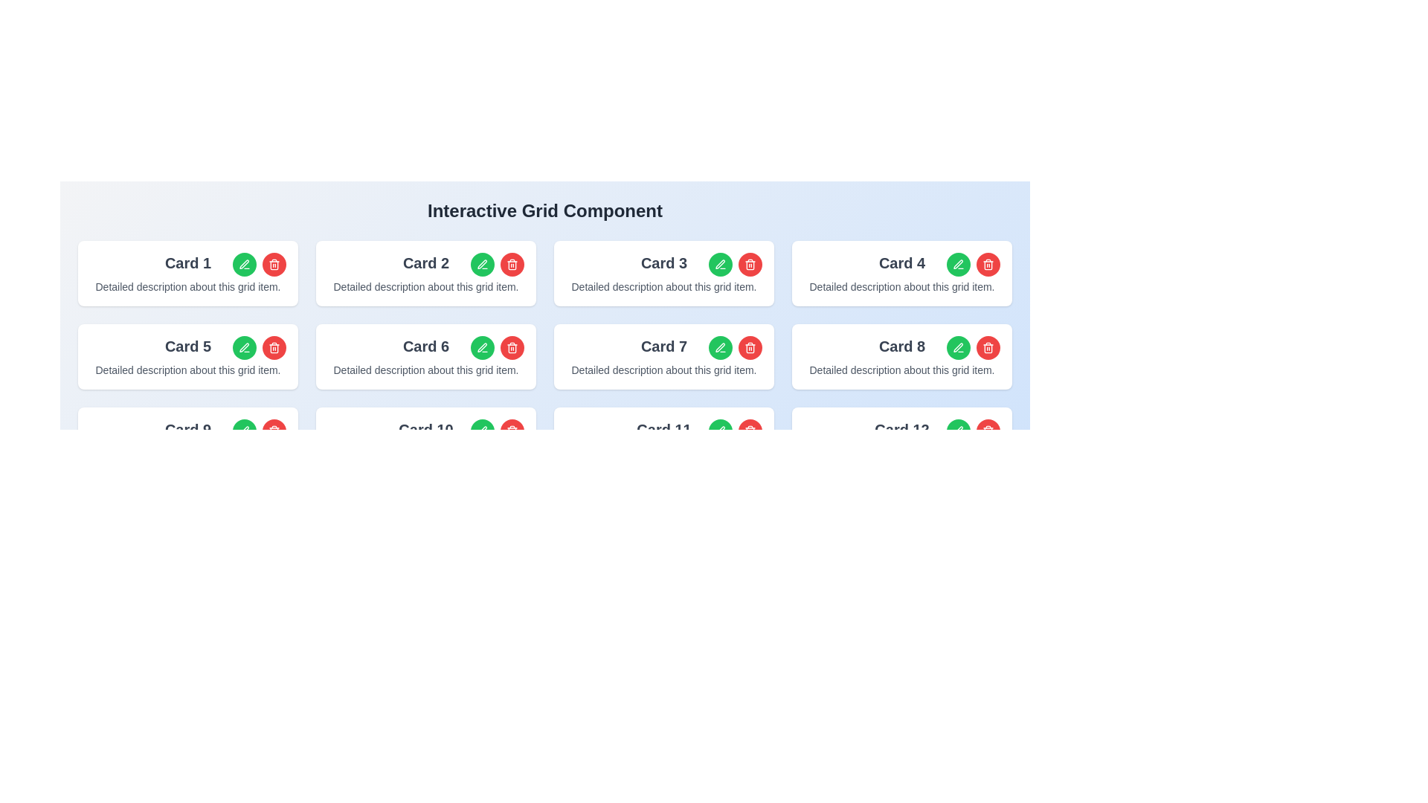  Describe the element at coordinates (274, 430) in the screenshot. I see `the delete button located at the top-right corner of 'Card 9'` at that location.